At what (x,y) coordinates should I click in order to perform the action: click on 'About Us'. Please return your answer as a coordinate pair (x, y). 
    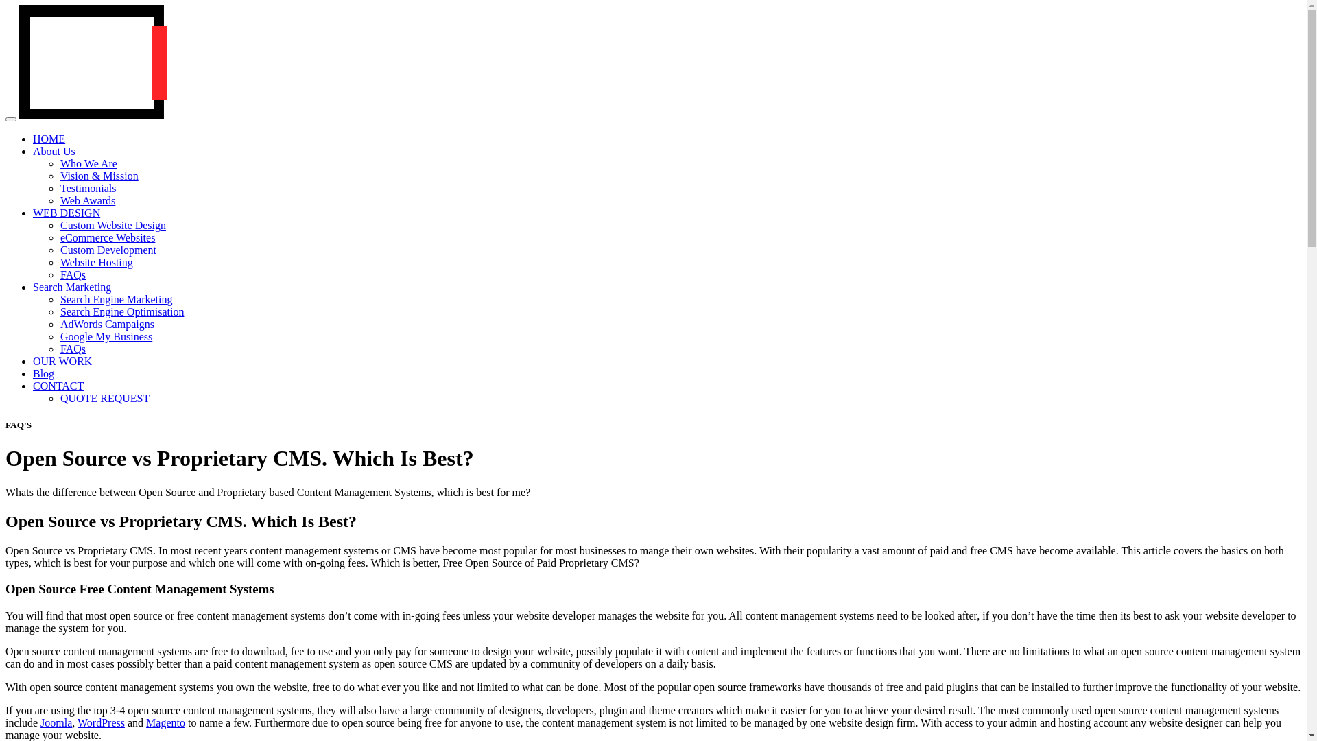
    Looking at the image, I should click on (54, 151).